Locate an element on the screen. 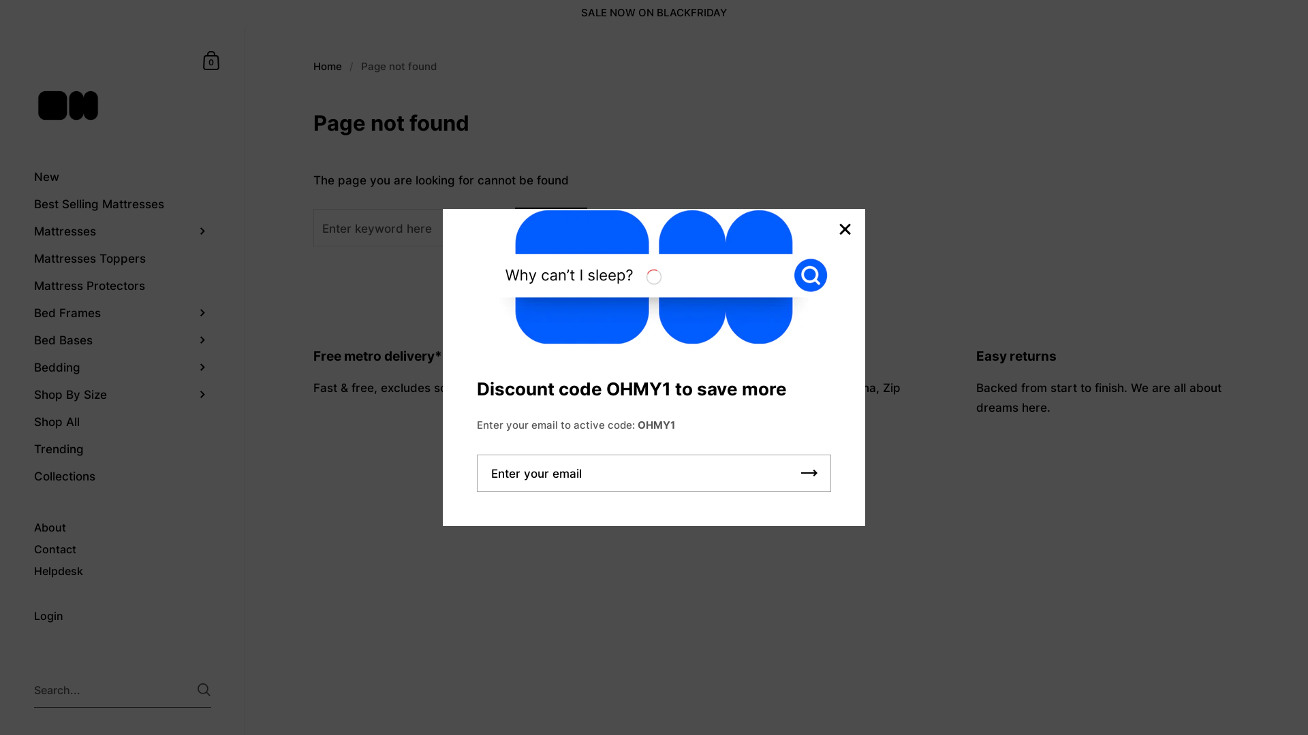 This screenshot has width=1308, height=735. 'Mattresses' is located at coordinates (122, 230).